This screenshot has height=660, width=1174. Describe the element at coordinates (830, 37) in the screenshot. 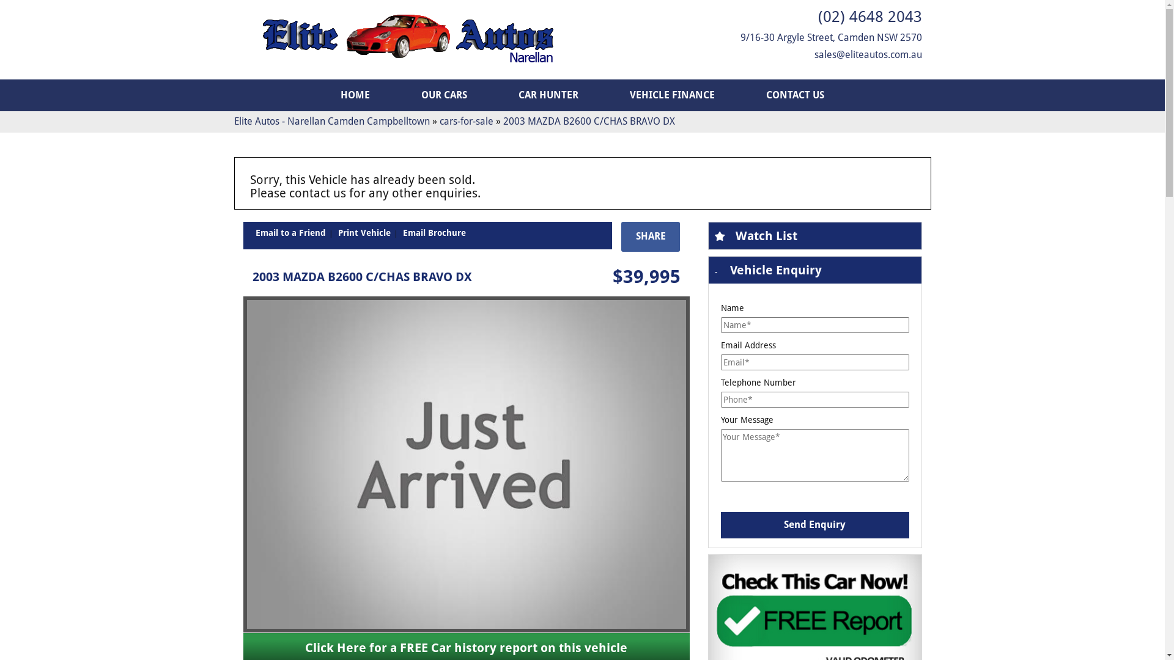

I see `'9/16-30 Argyle Street, Camden NSW 2570'` at that location.